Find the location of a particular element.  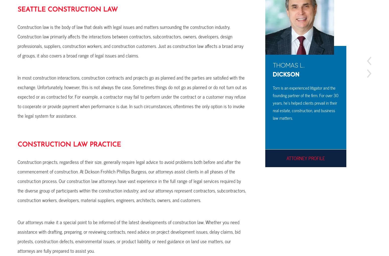

'Construction Law Practice' is located at coordinates (69, 145).